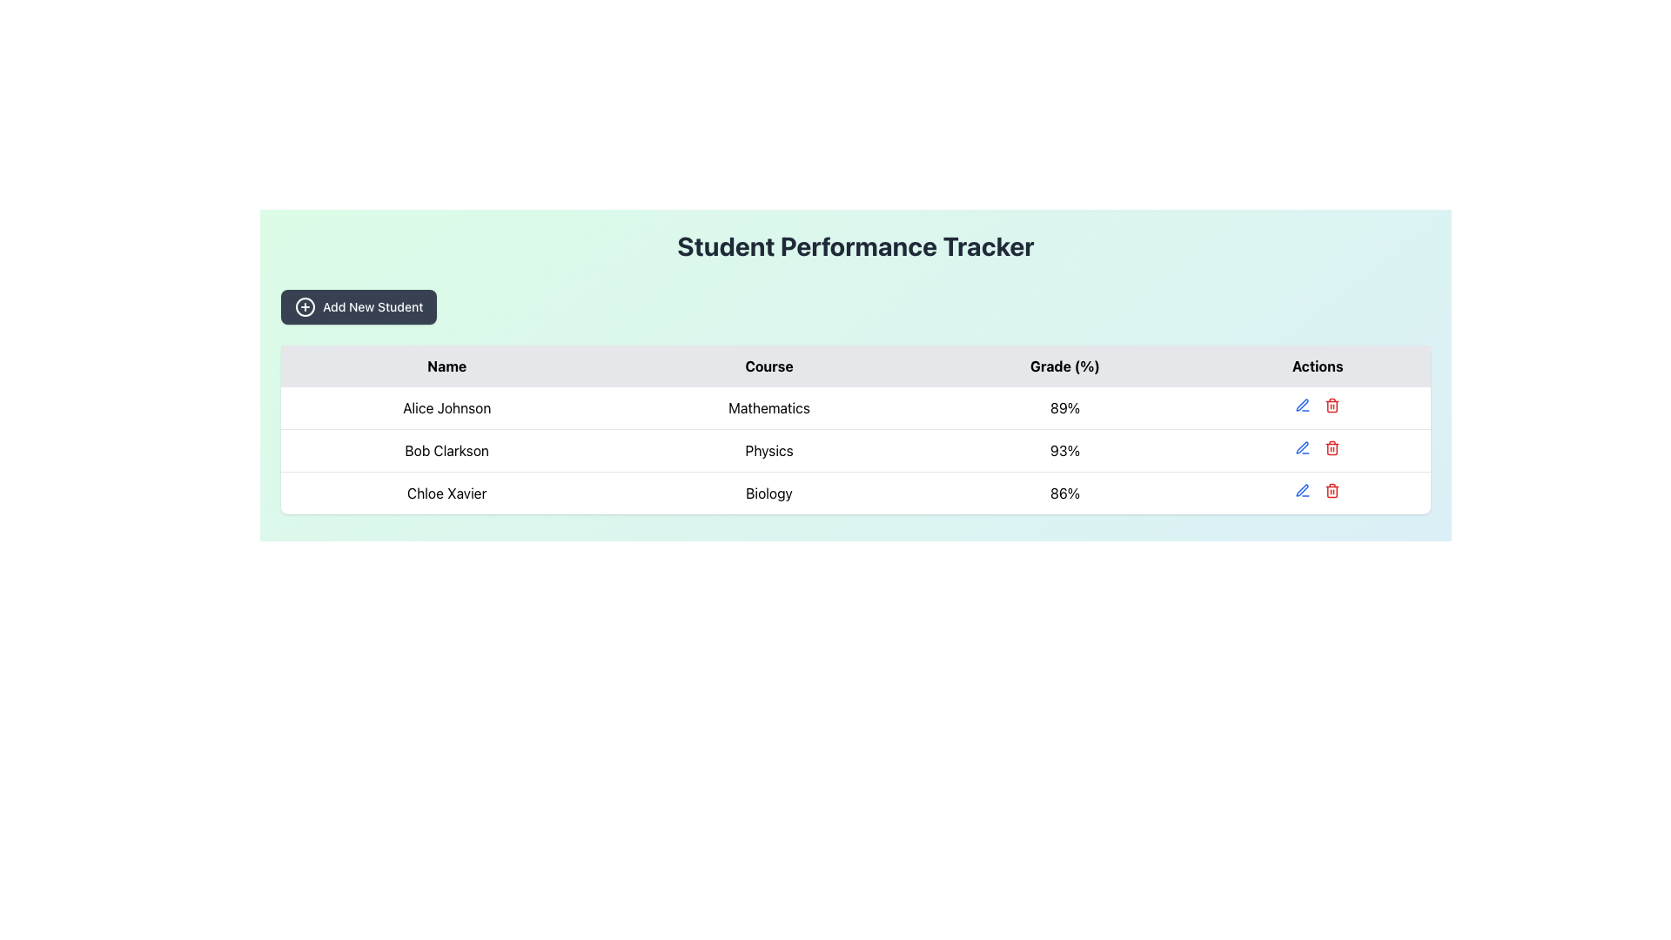 The image size is (1671, 940). Describe the element at coordinates (856, 408) in the screenshot. I see `on the first row of the table representing student performance with the name 'Alice Johnson', course 'Mathematics', and grade '89%'` at that location.